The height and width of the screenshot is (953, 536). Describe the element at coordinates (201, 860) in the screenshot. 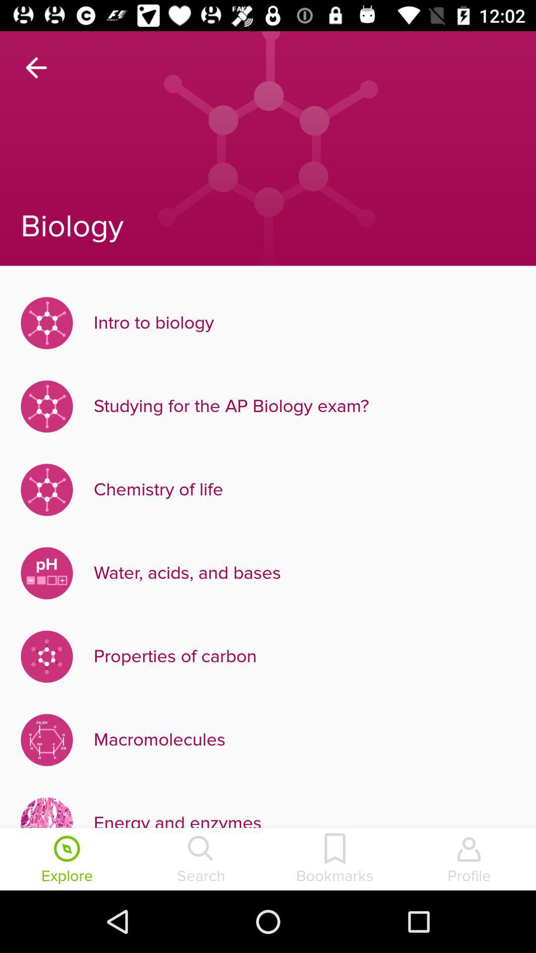

I see `the item to the left of bookmarks icon` at that location.